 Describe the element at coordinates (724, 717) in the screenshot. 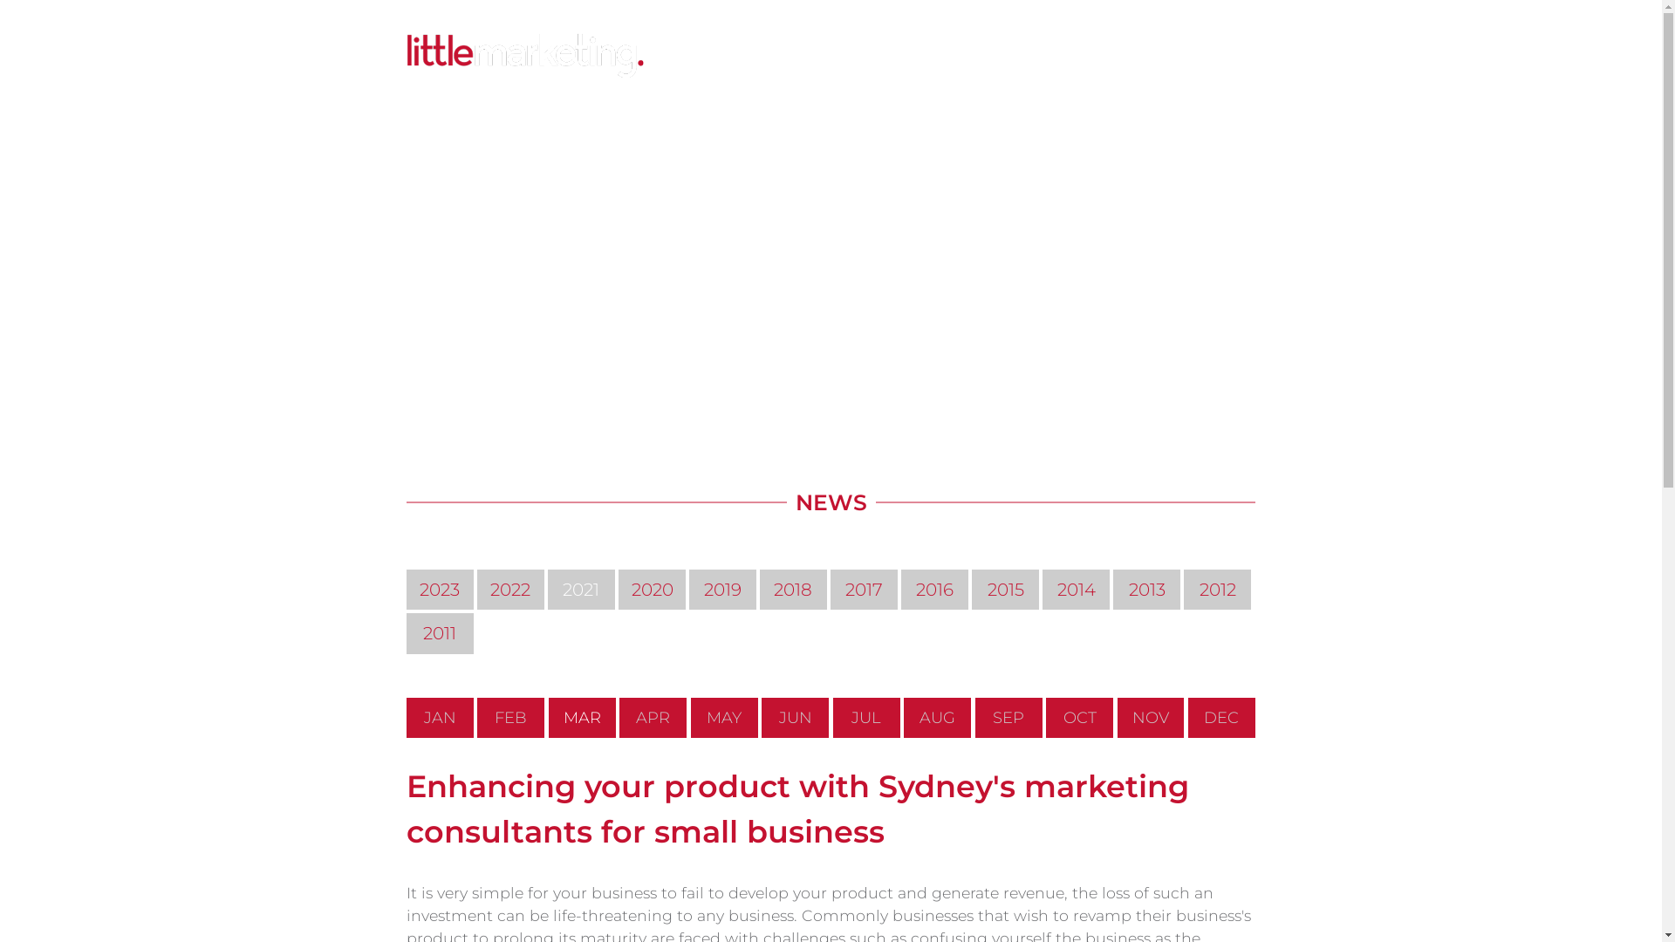

I see `'MAY'` at that location.